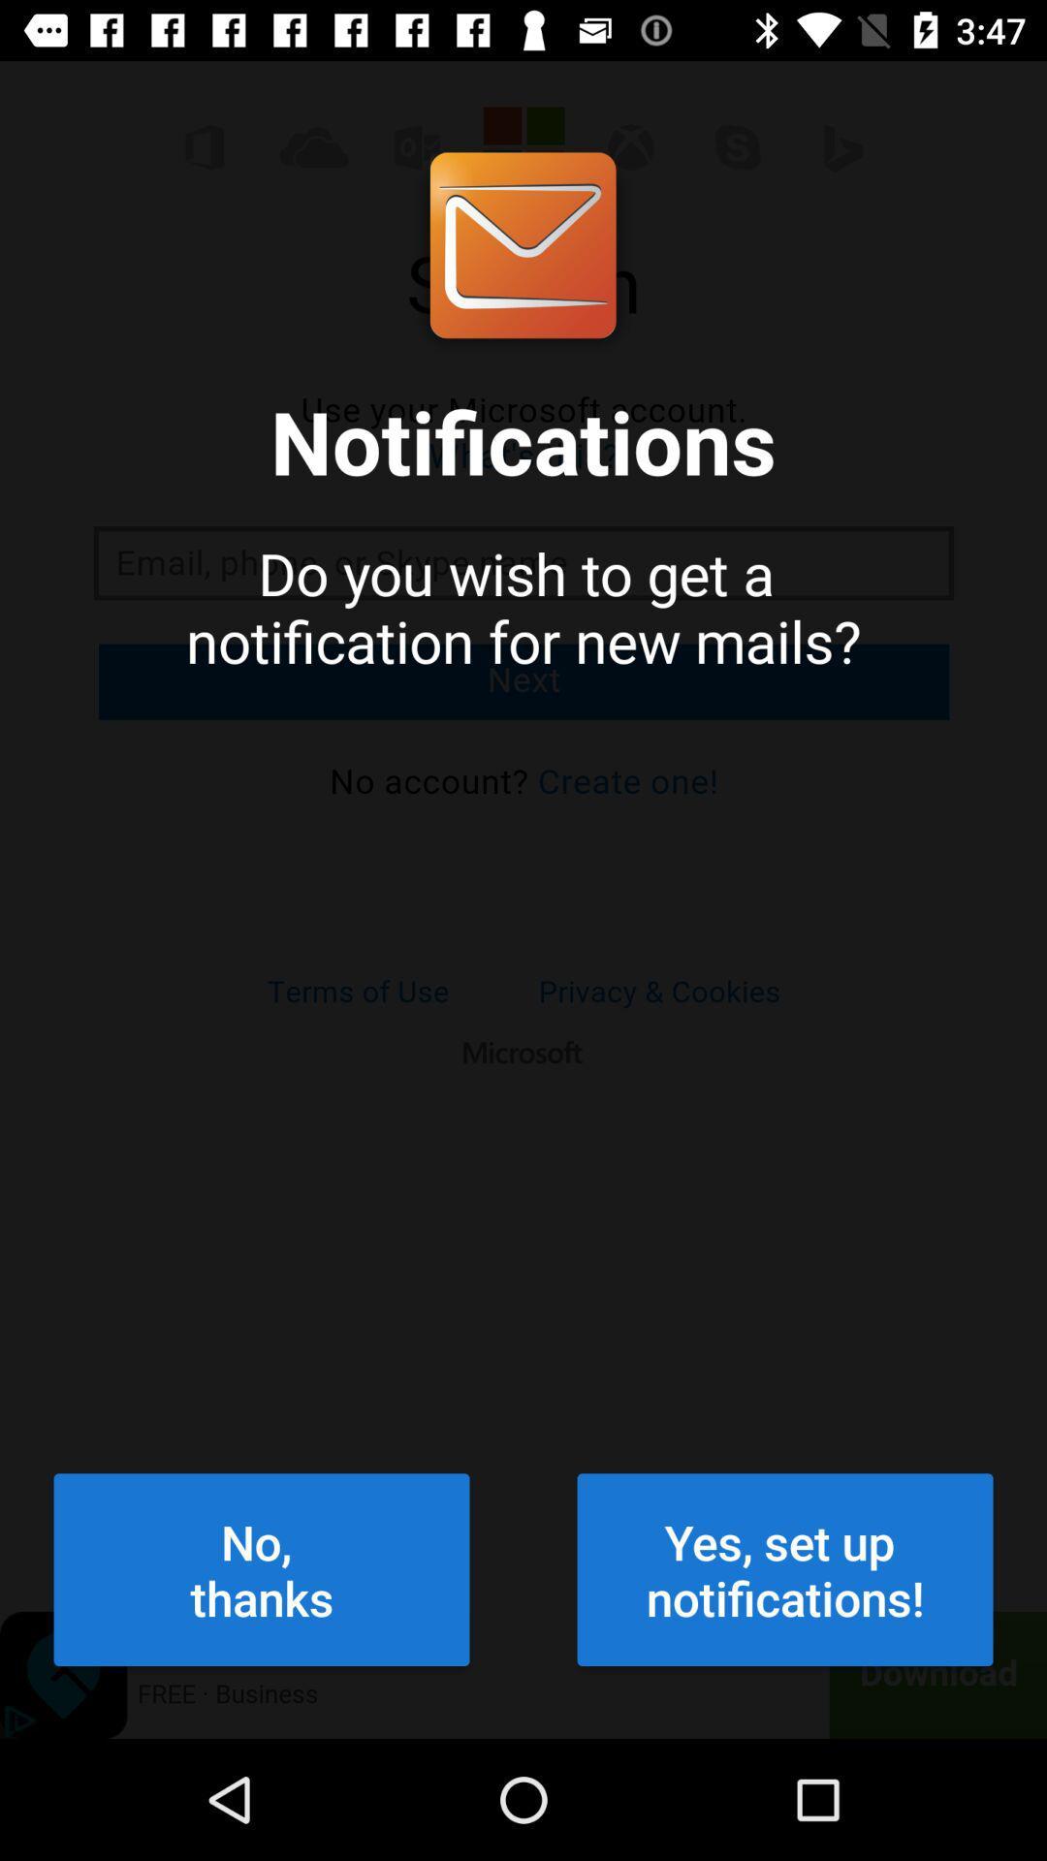 The image size is (1047, 1861). I want to click on the button to the right of no,, so click(785, 1569).